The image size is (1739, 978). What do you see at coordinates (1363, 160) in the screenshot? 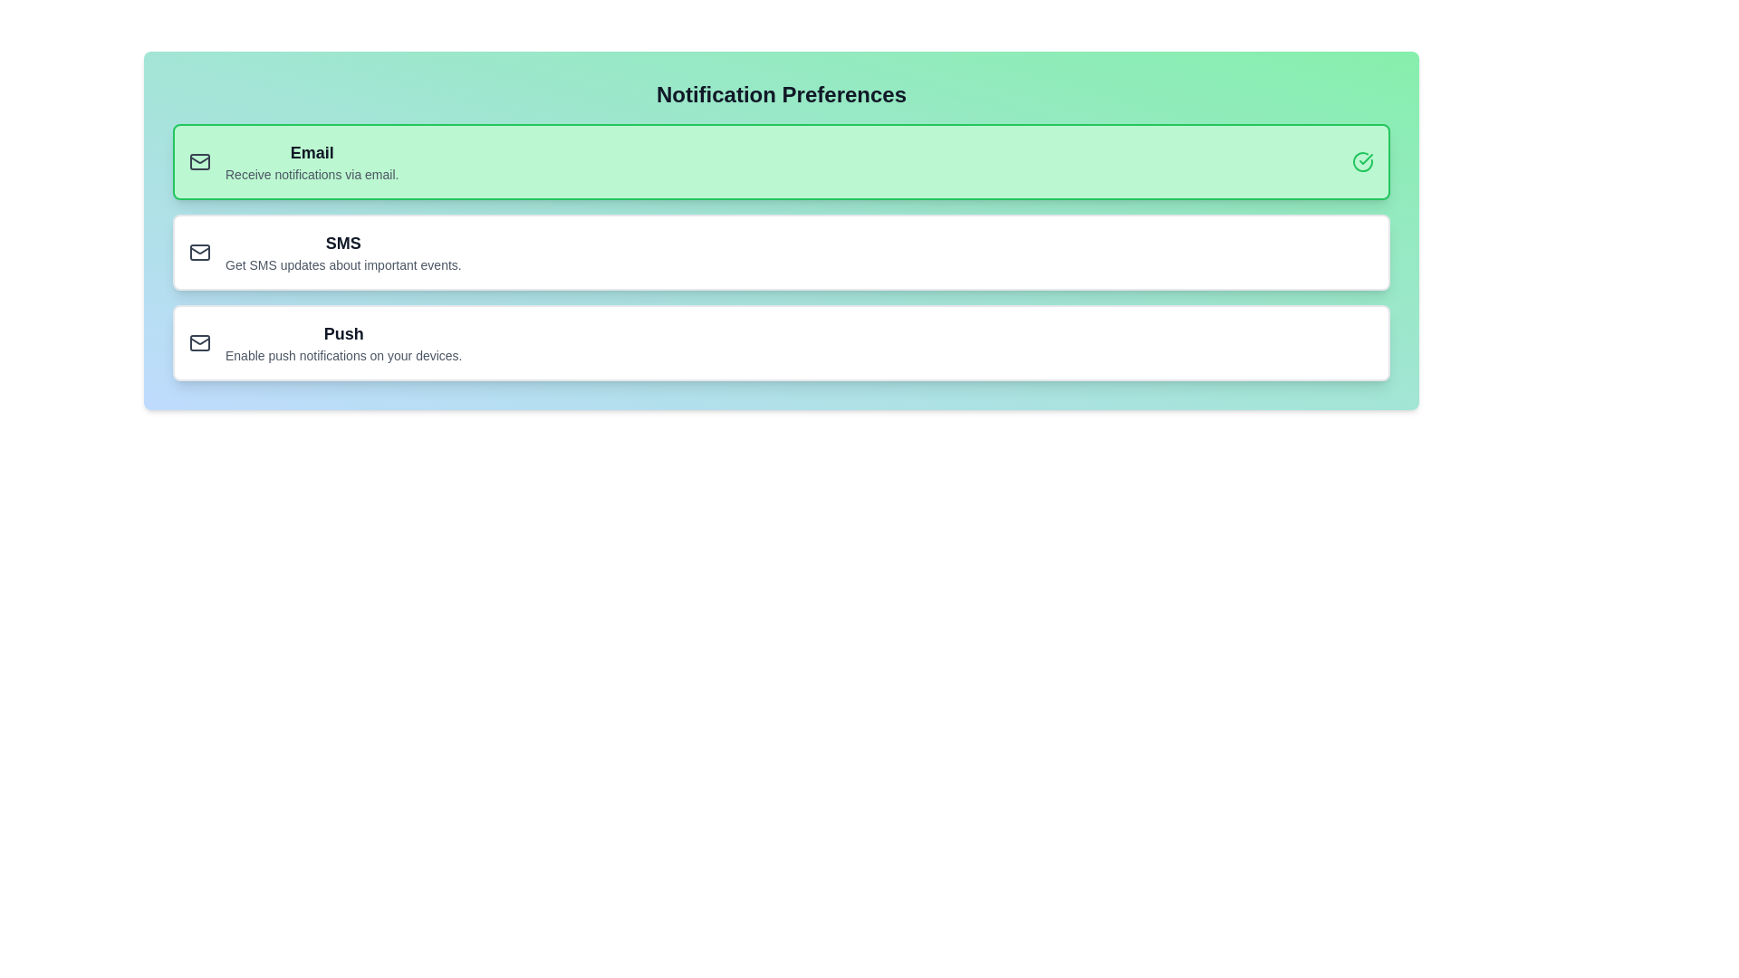
I see `the green circular checkmark icon located in the top-right corner of the 'Email' notification preference row, indicating a successful setting` at bounding box center [1363, 160].